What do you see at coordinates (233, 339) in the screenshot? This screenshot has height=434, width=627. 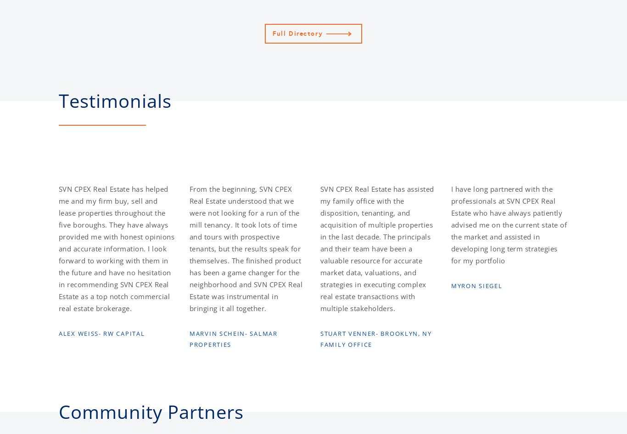 I see `'Marvin Schein- Salmar Properties'` at bounding box center [233, 339].